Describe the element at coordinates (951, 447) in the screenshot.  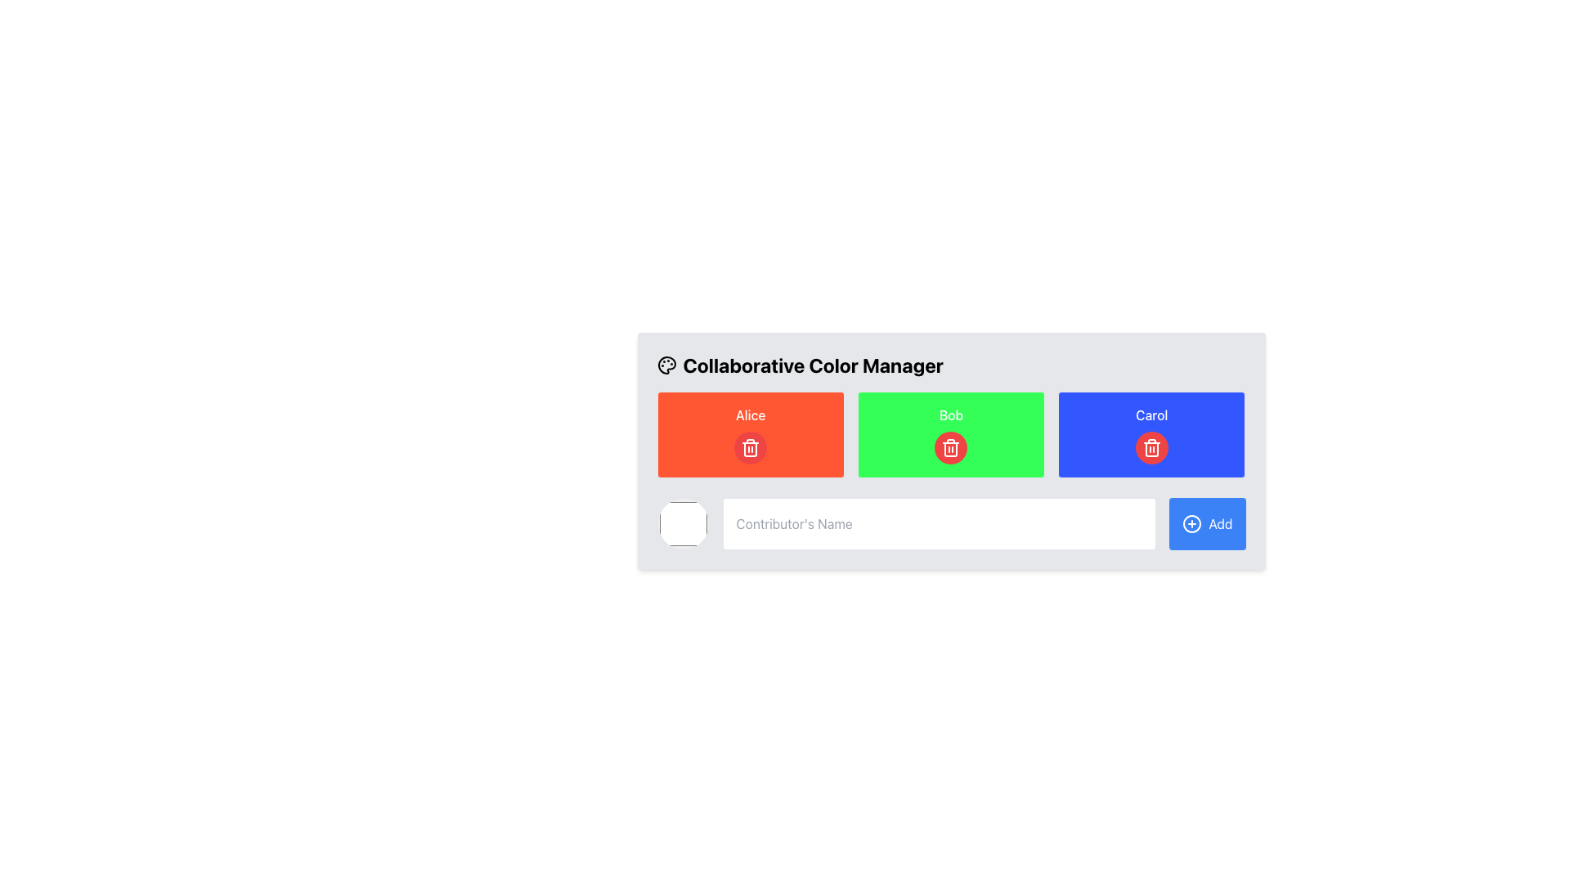
I see `the trash can icon button located under the text 'Bob' to possibly display additional information` at that location.